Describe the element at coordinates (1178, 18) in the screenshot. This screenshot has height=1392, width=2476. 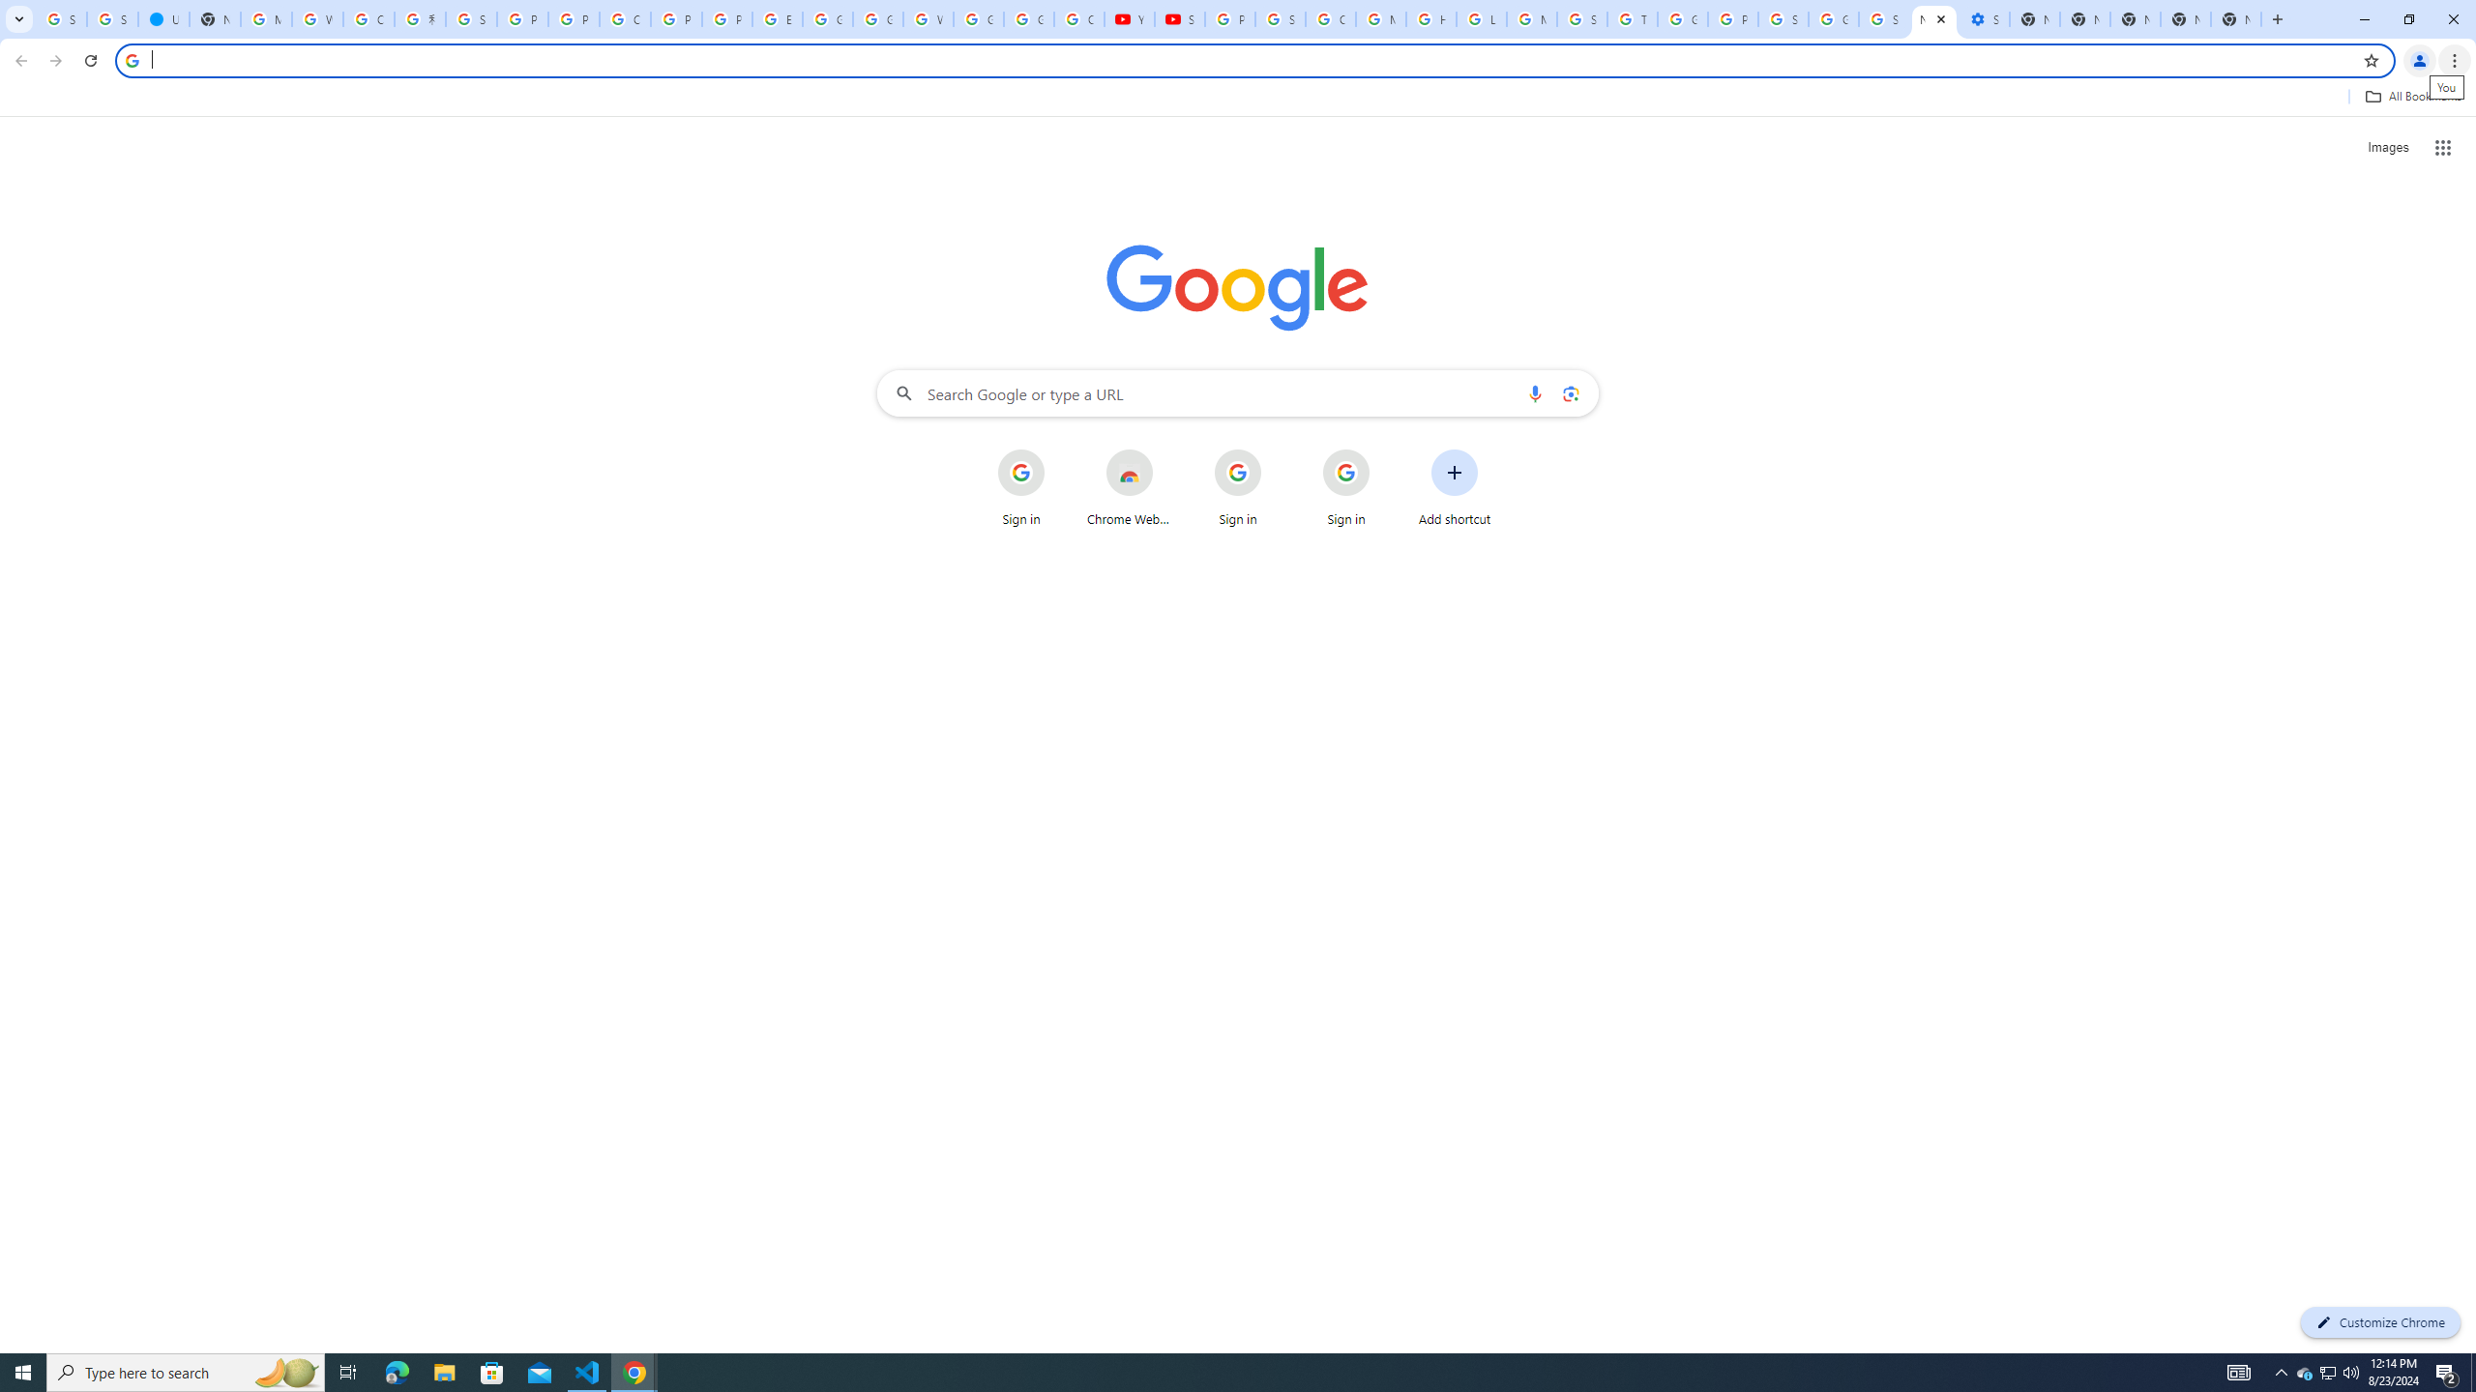
I see `'Subscriptions - YouTube'` at that location.